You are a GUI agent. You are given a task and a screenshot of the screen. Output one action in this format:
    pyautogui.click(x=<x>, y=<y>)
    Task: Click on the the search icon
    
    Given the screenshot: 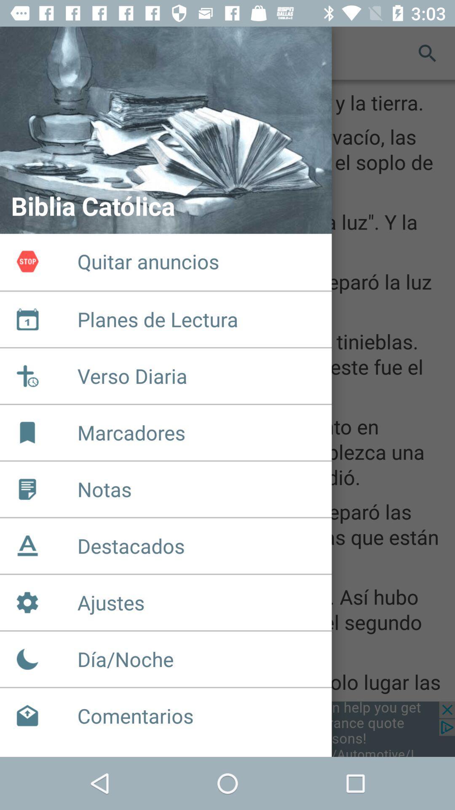 What is the action you would take?
    pyautogui.click(x=427, y=52)
    